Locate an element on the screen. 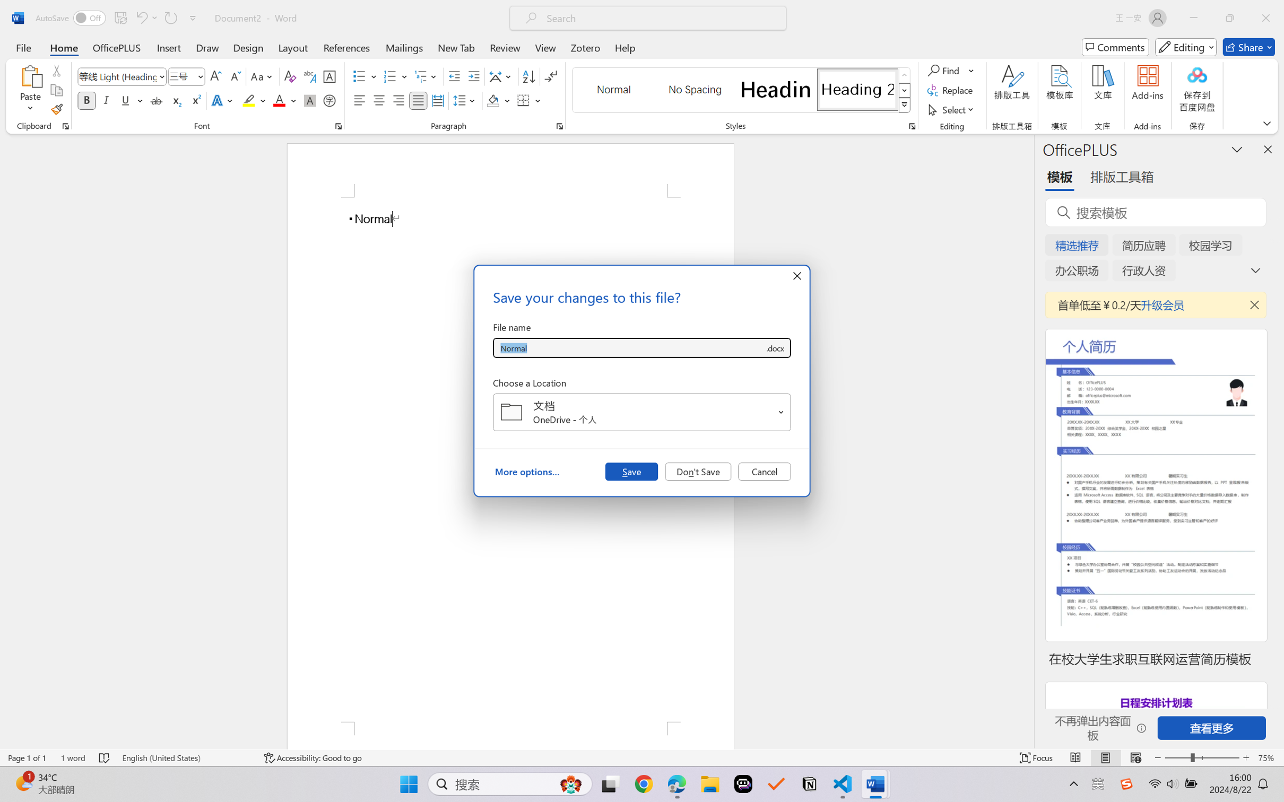  'Paragraph...' is located at coordinates (559, 126).